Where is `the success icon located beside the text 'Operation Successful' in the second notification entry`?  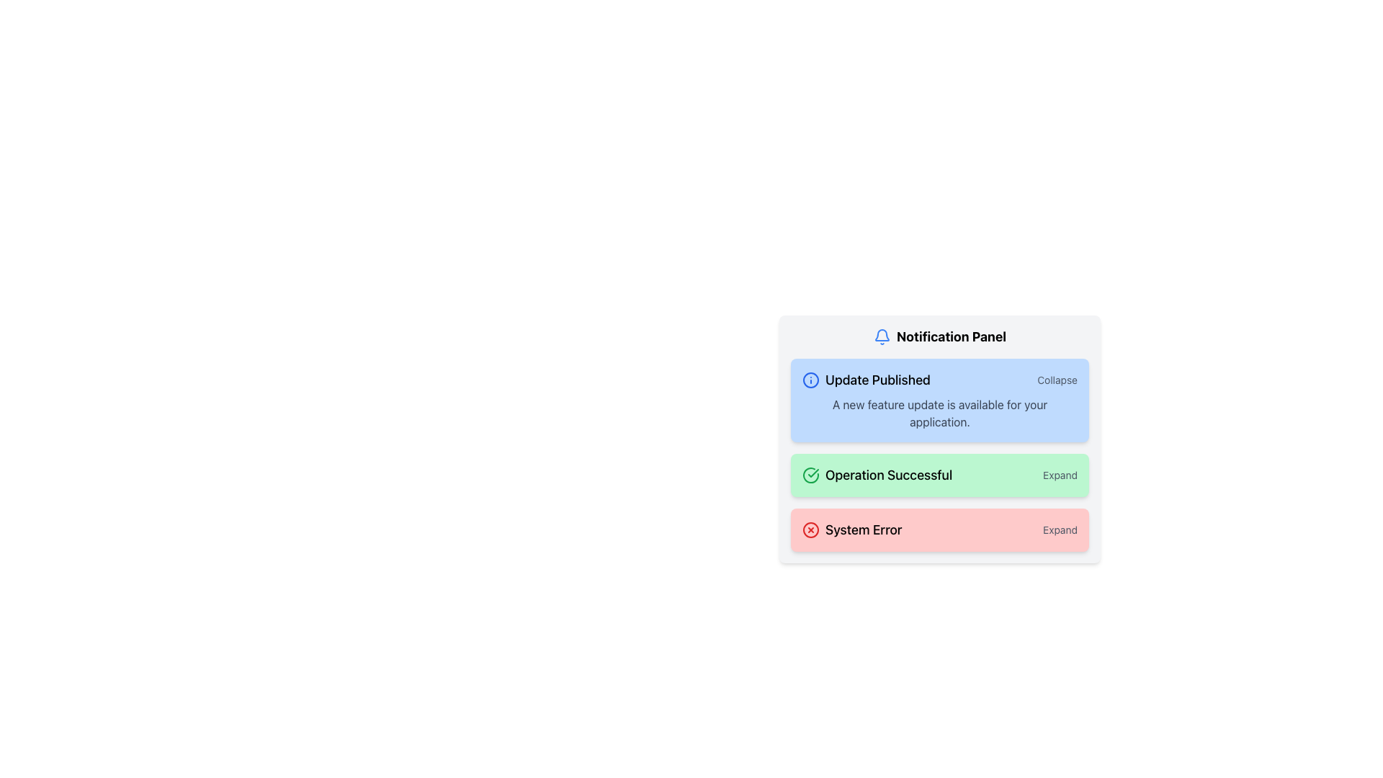
the success icon located beside the text 'Operation Successful' in the second notification entry is located at coordinates (811, 475).